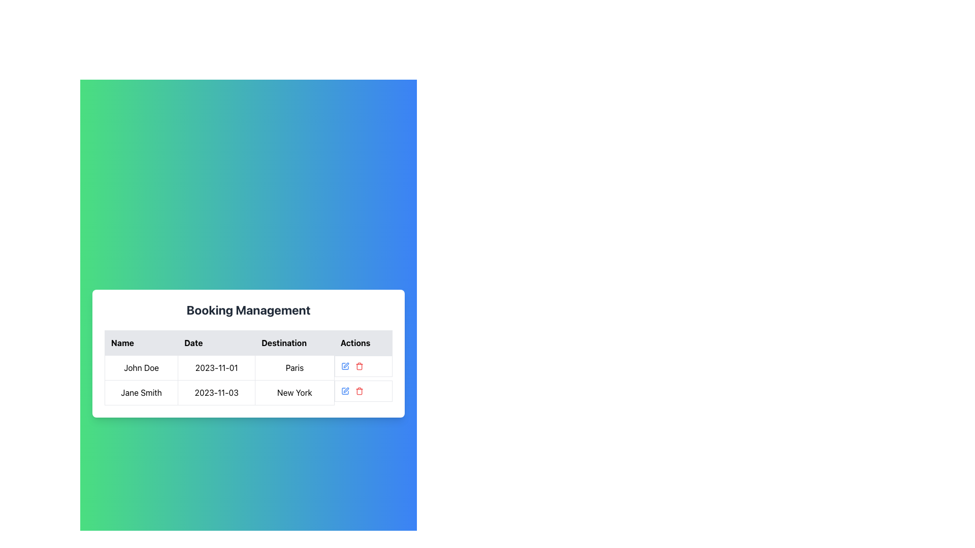  What do you see at coordinates (294, 368) in the screenshot?
I see `the Display Text element that shows 'Paris' in black font on a white background, located in the third column of the first row in the Booking Management table` at bounding box center [294, 368].